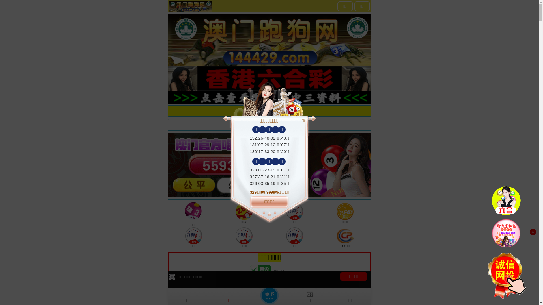 The height and width of the screenshot is (305, 543). Describe the element at coordinates (532, 232) in the screenshot. I see `'x'` at that location.